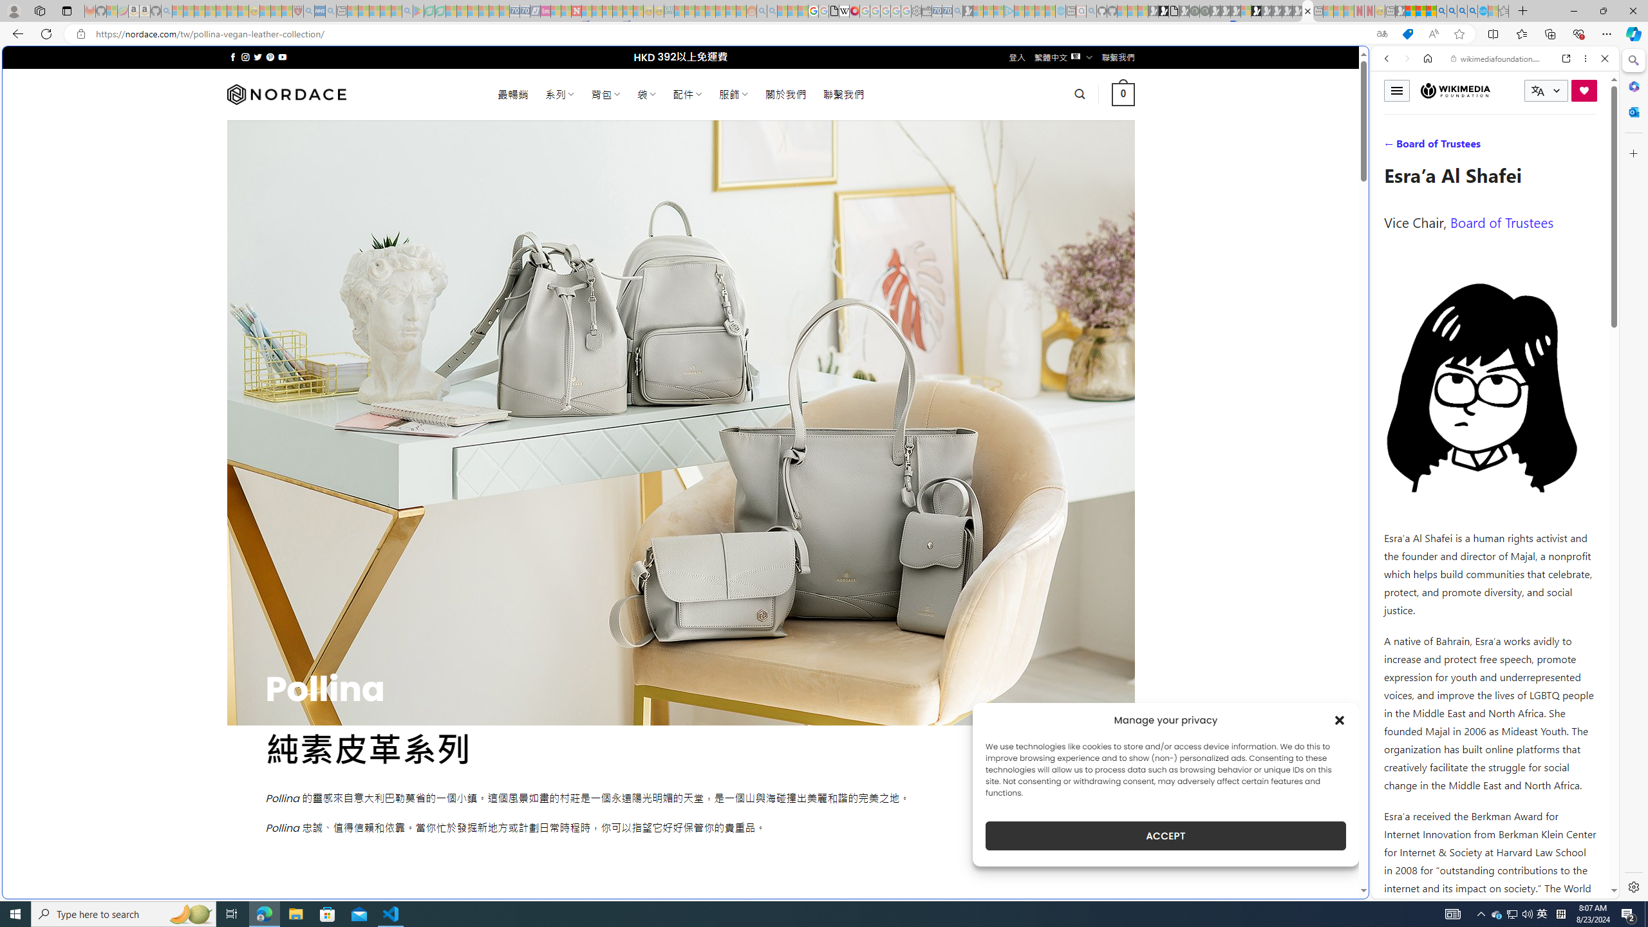 This screenshot has width=1648, height=927. I want to click on 'VIDEOS', so click(1472, 147).